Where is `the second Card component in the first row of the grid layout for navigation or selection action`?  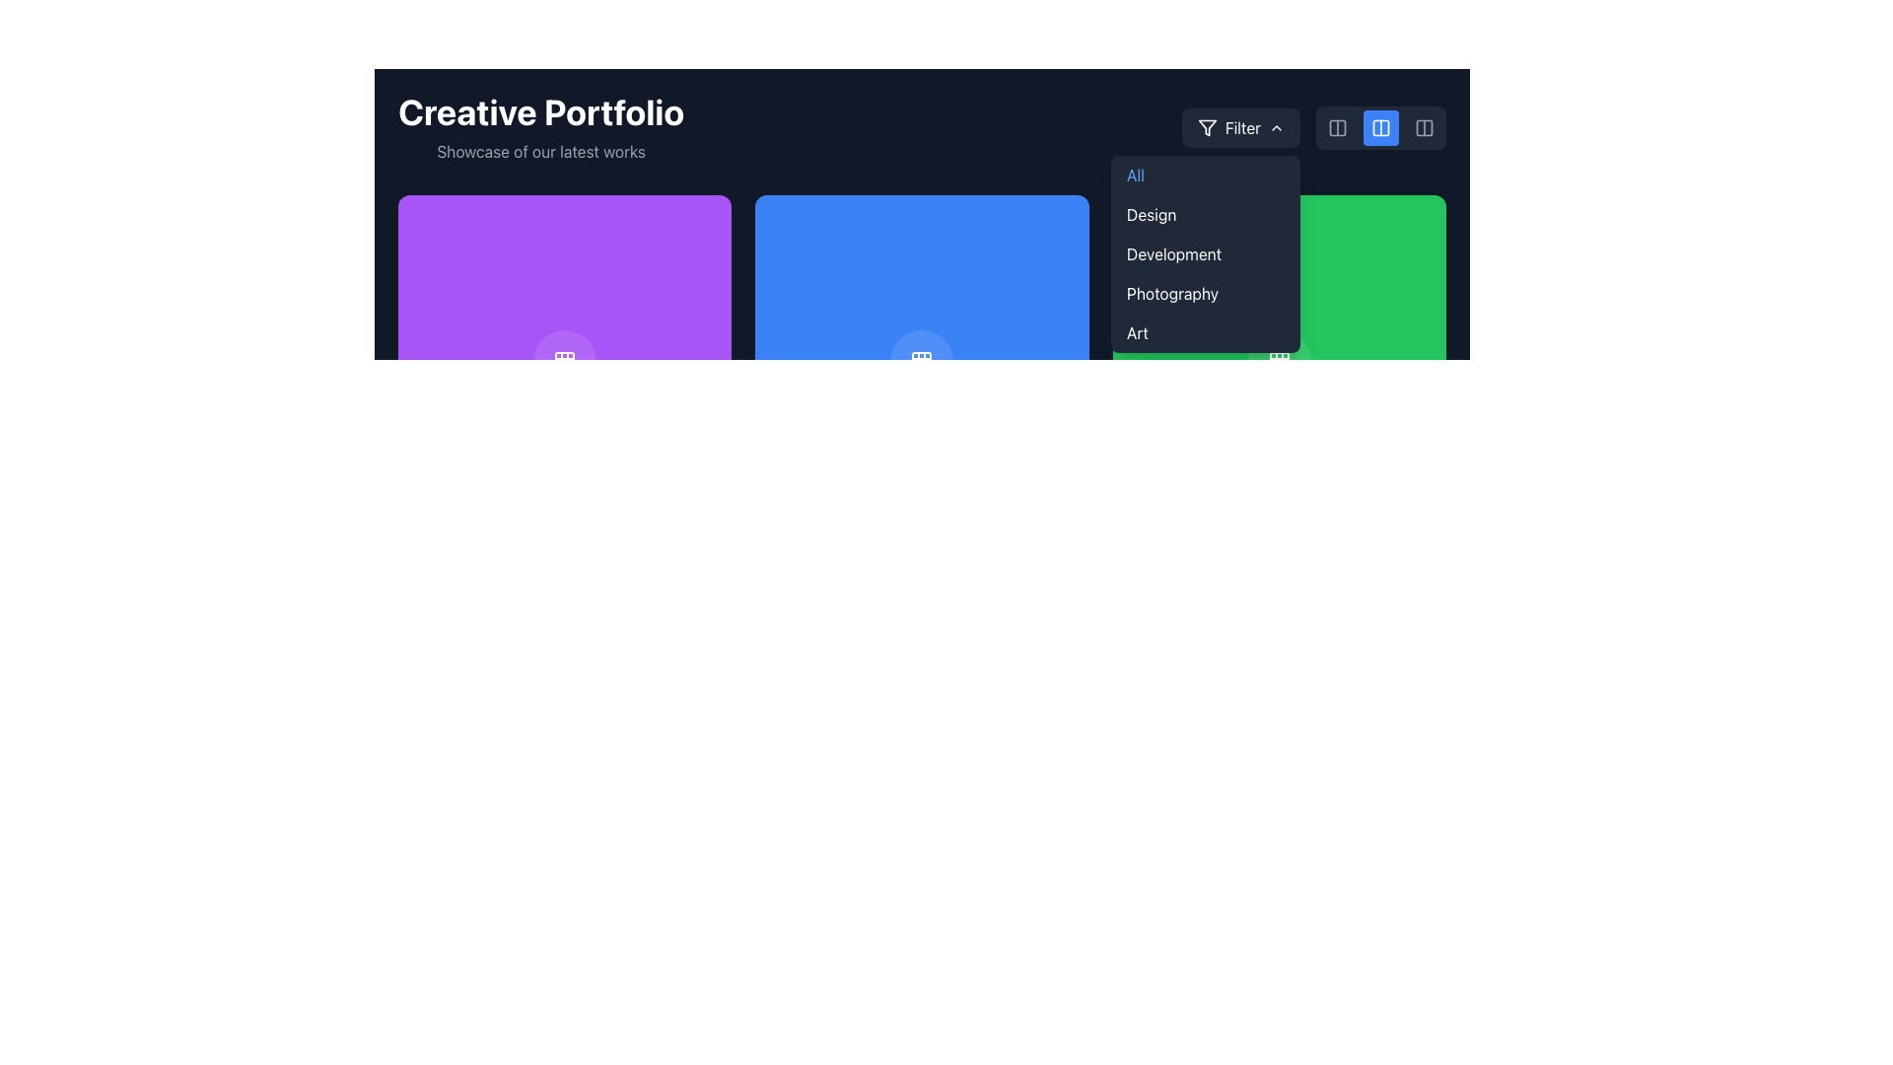 the second Card component in the first row of the grid layout for navigation or selection action is located at coordinates (921, 362).